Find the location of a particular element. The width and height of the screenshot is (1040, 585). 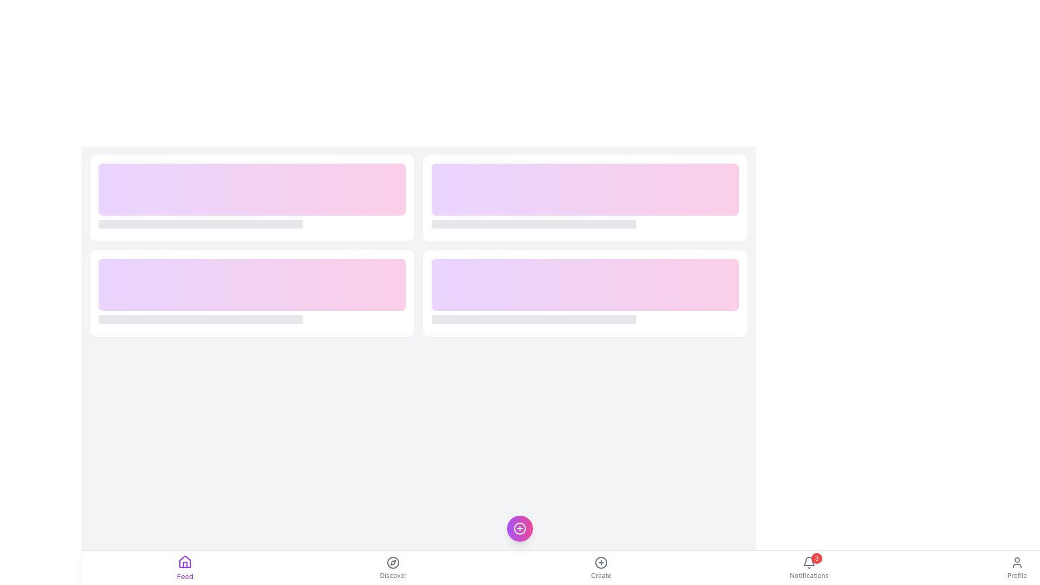

the decorative UI component with a gradient background transitioning from light purple to light pink, located in the lower row of a two-row grid structure, specifically as the right item of its row is located at coordinates (584, 284).